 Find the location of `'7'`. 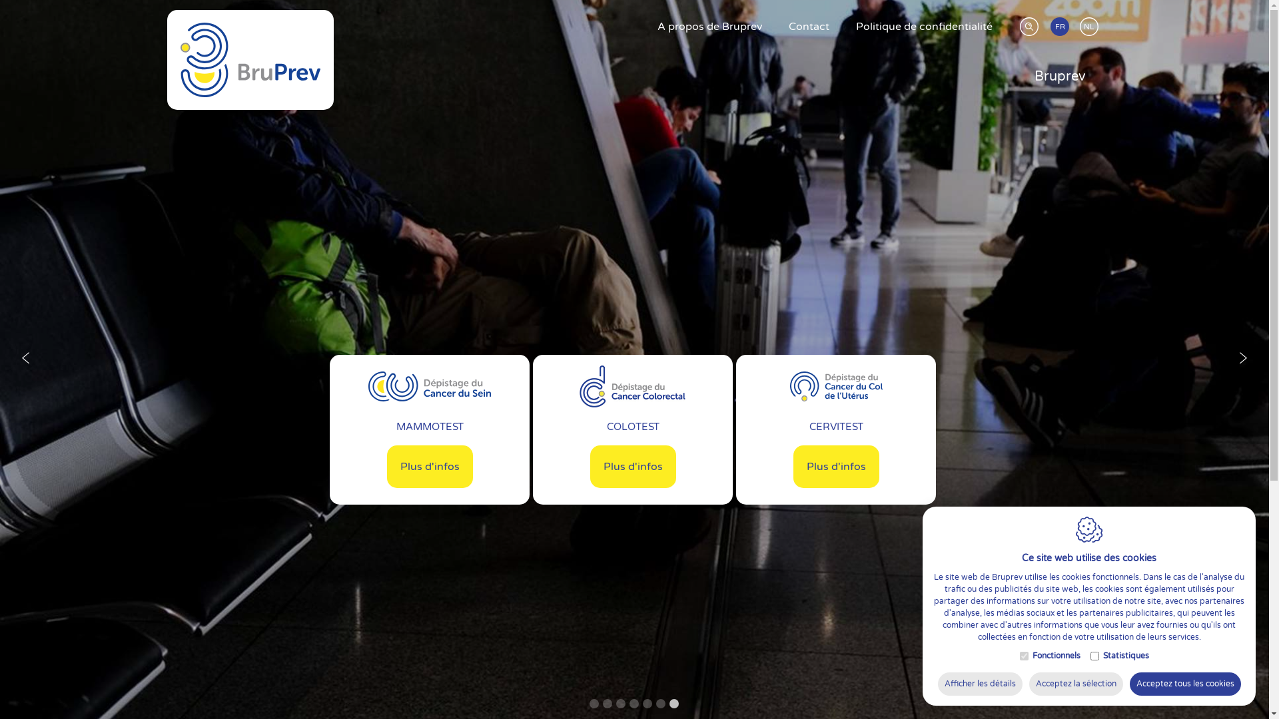

'7' is located at coordinates (673, 702).